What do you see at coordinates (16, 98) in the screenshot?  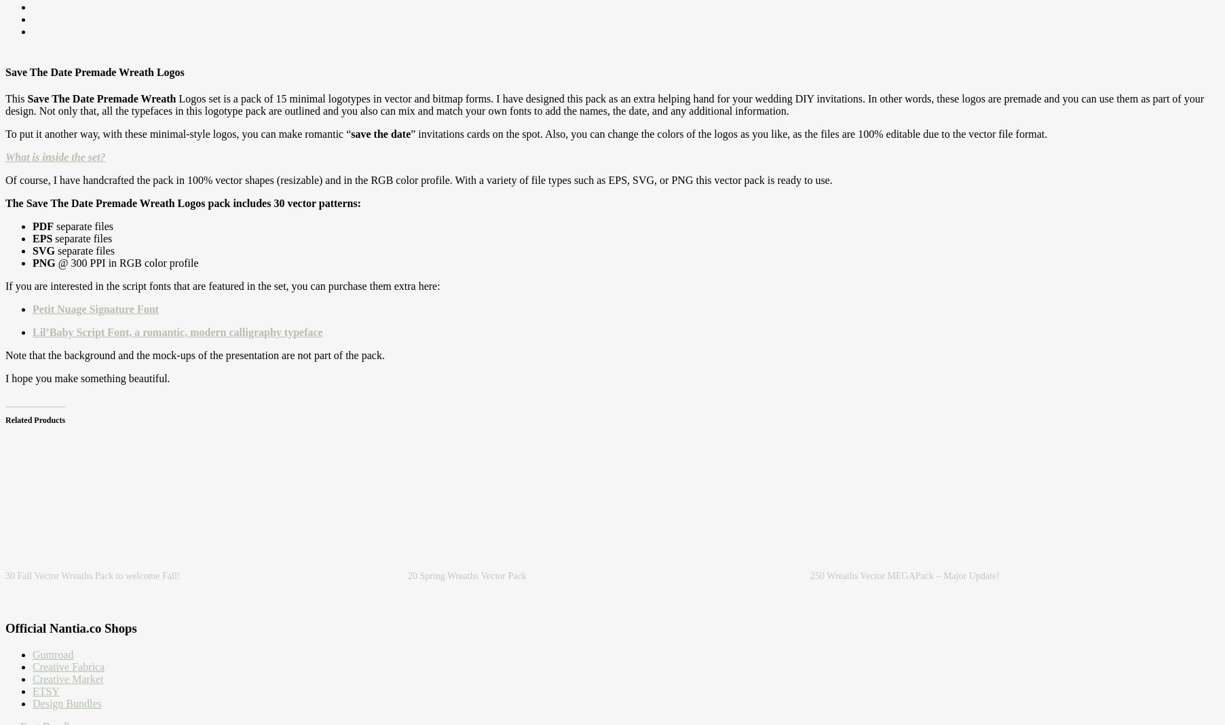 I see `'This'` at bounding box center [16, 98].